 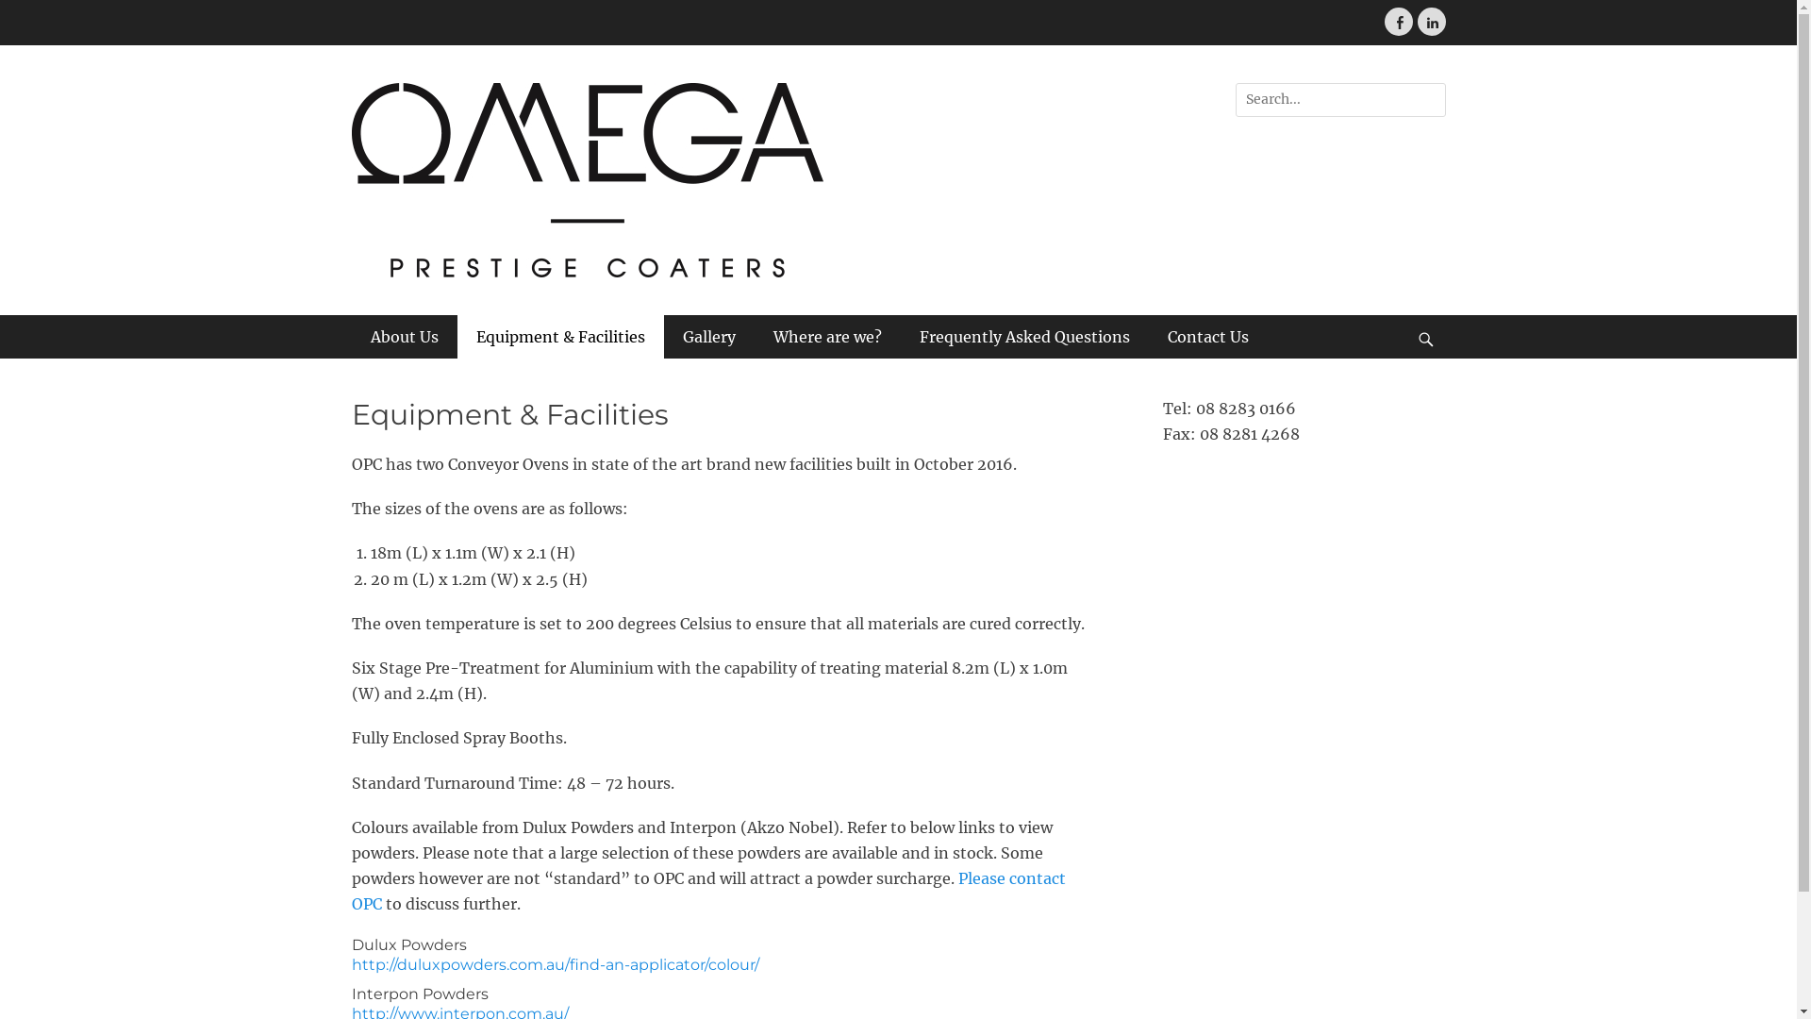 What do you see at coordinates (1399, 22) in the screenshot?
I see `'Facebook'` at bounding box center [1399, 22].